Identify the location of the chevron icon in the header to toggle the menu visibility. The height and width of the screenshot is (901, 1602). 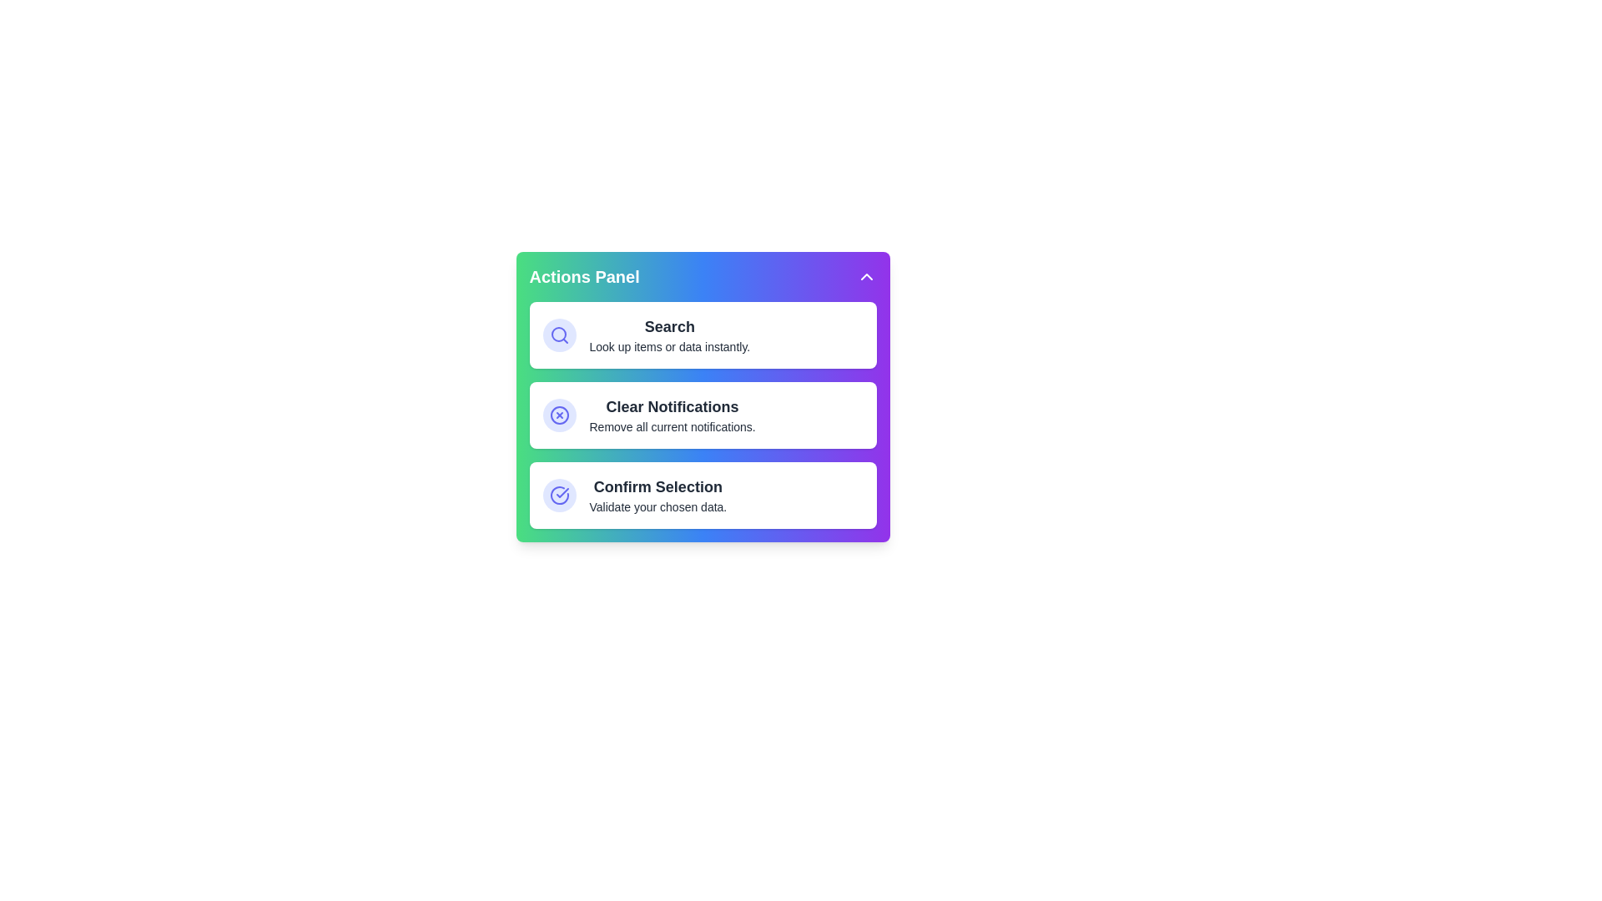
(866, 275).